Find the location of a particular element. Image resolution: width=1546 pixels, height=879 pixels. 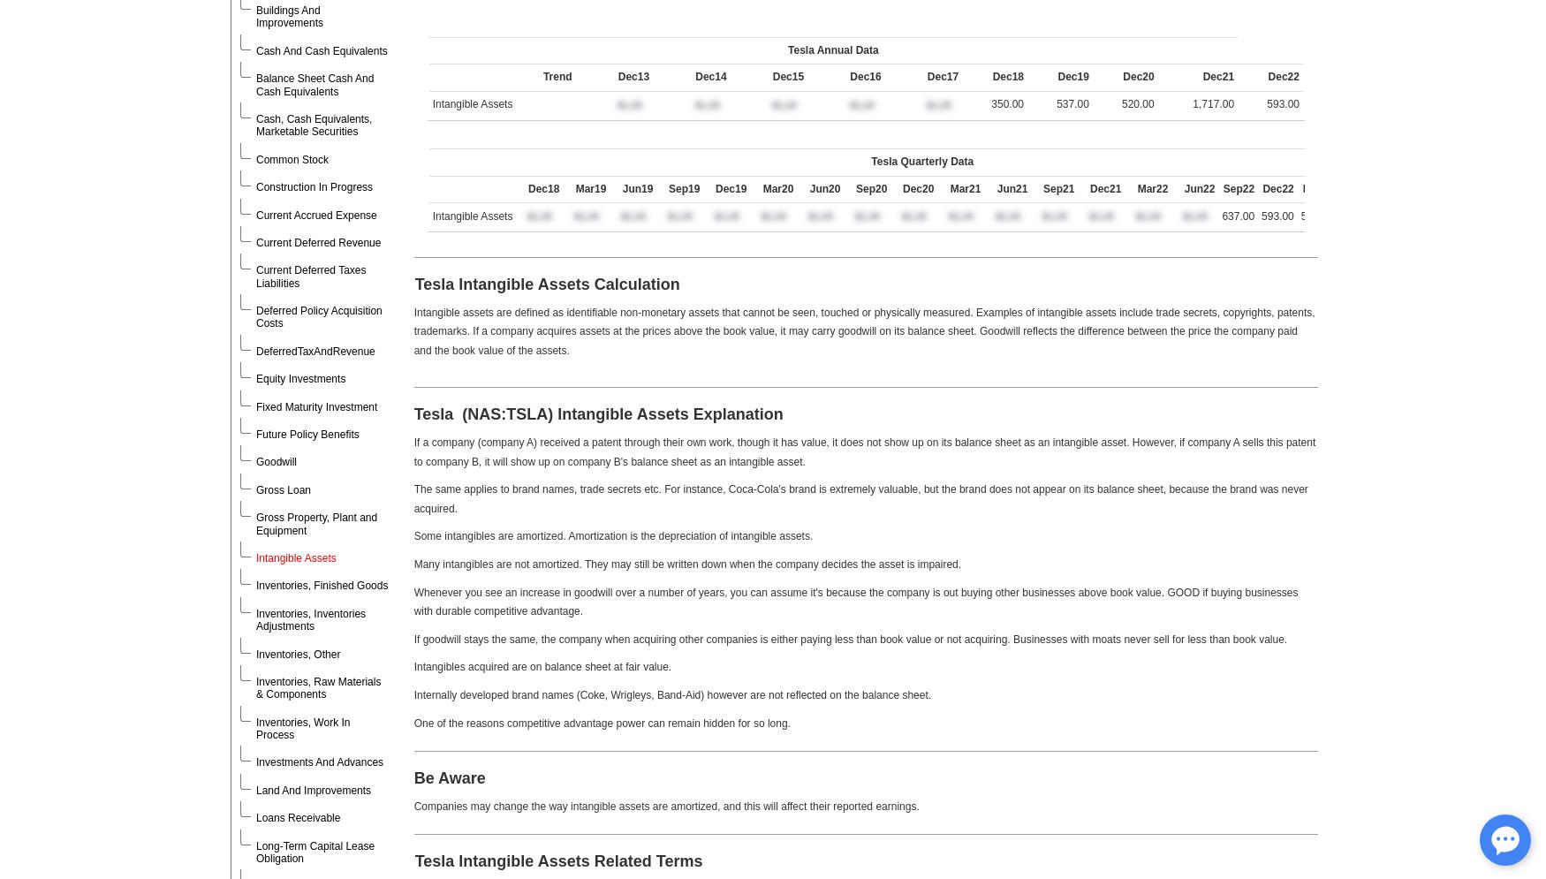

'Mar21' is located at coordinates (950, 187).